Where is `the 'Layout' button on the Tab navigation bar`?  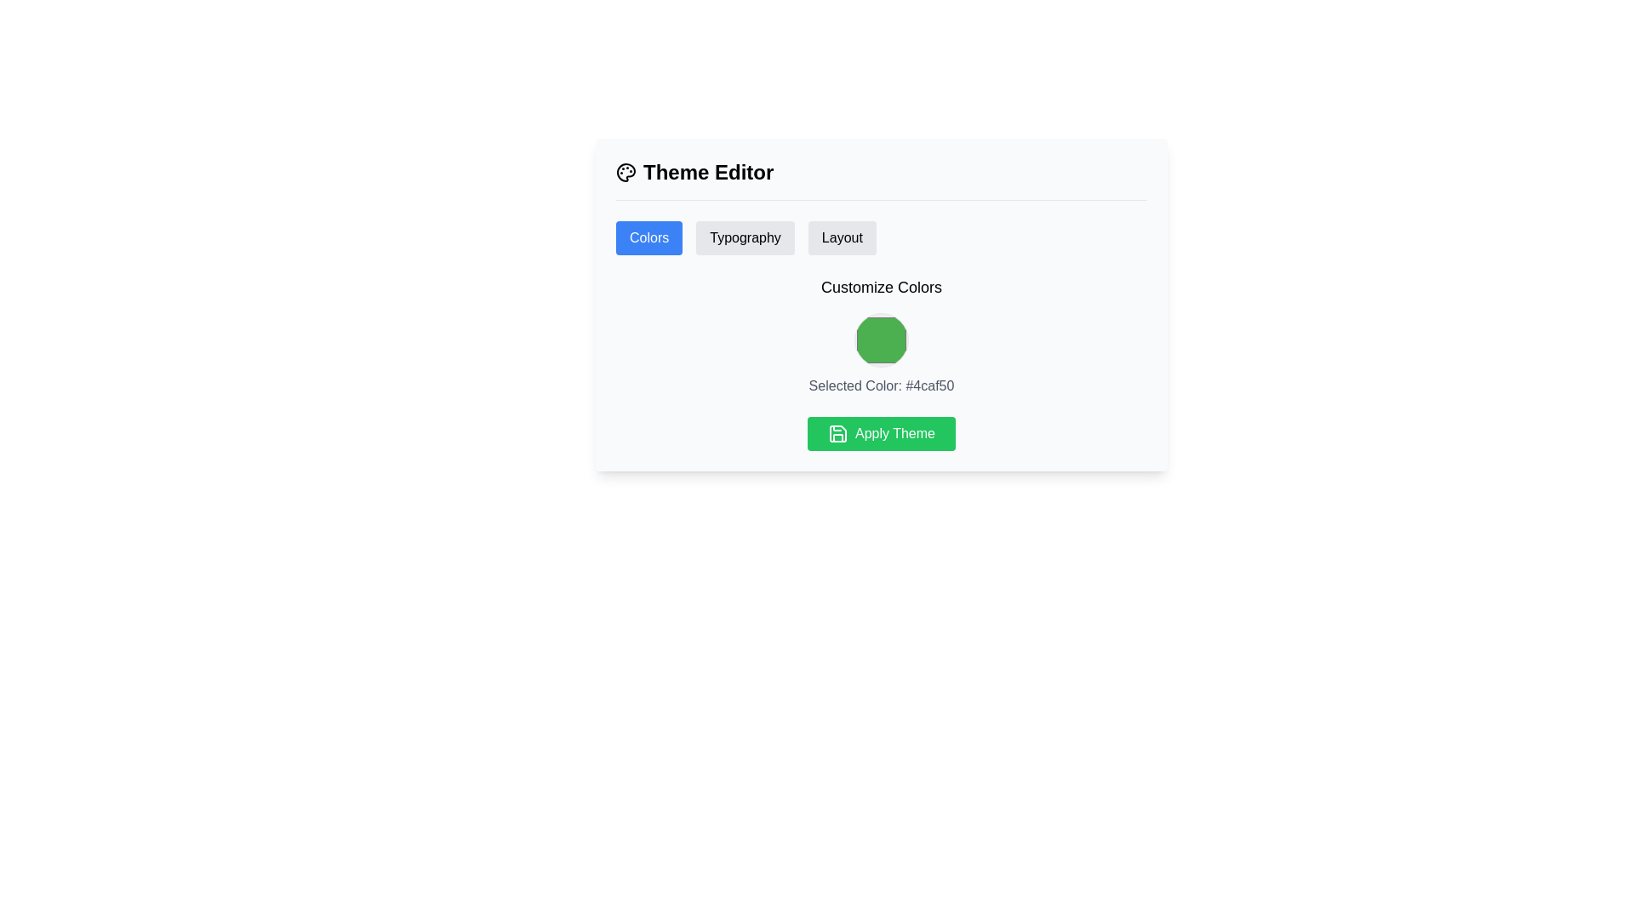 the 'Layout' button on the Tab navigation bar is located at coordinates (882, 238).